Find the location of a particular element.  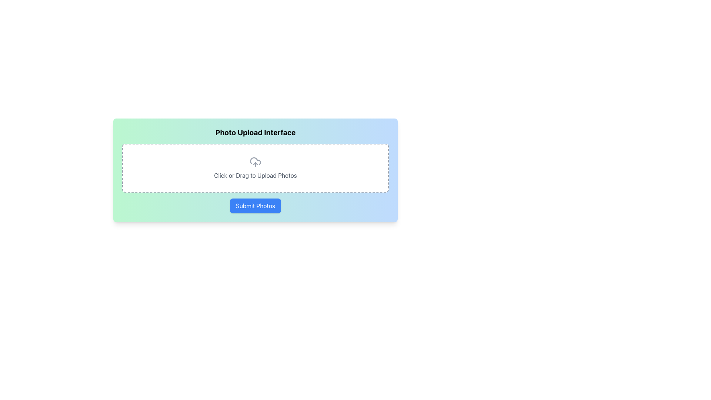

the submit button is located at coordinates (256, 206).